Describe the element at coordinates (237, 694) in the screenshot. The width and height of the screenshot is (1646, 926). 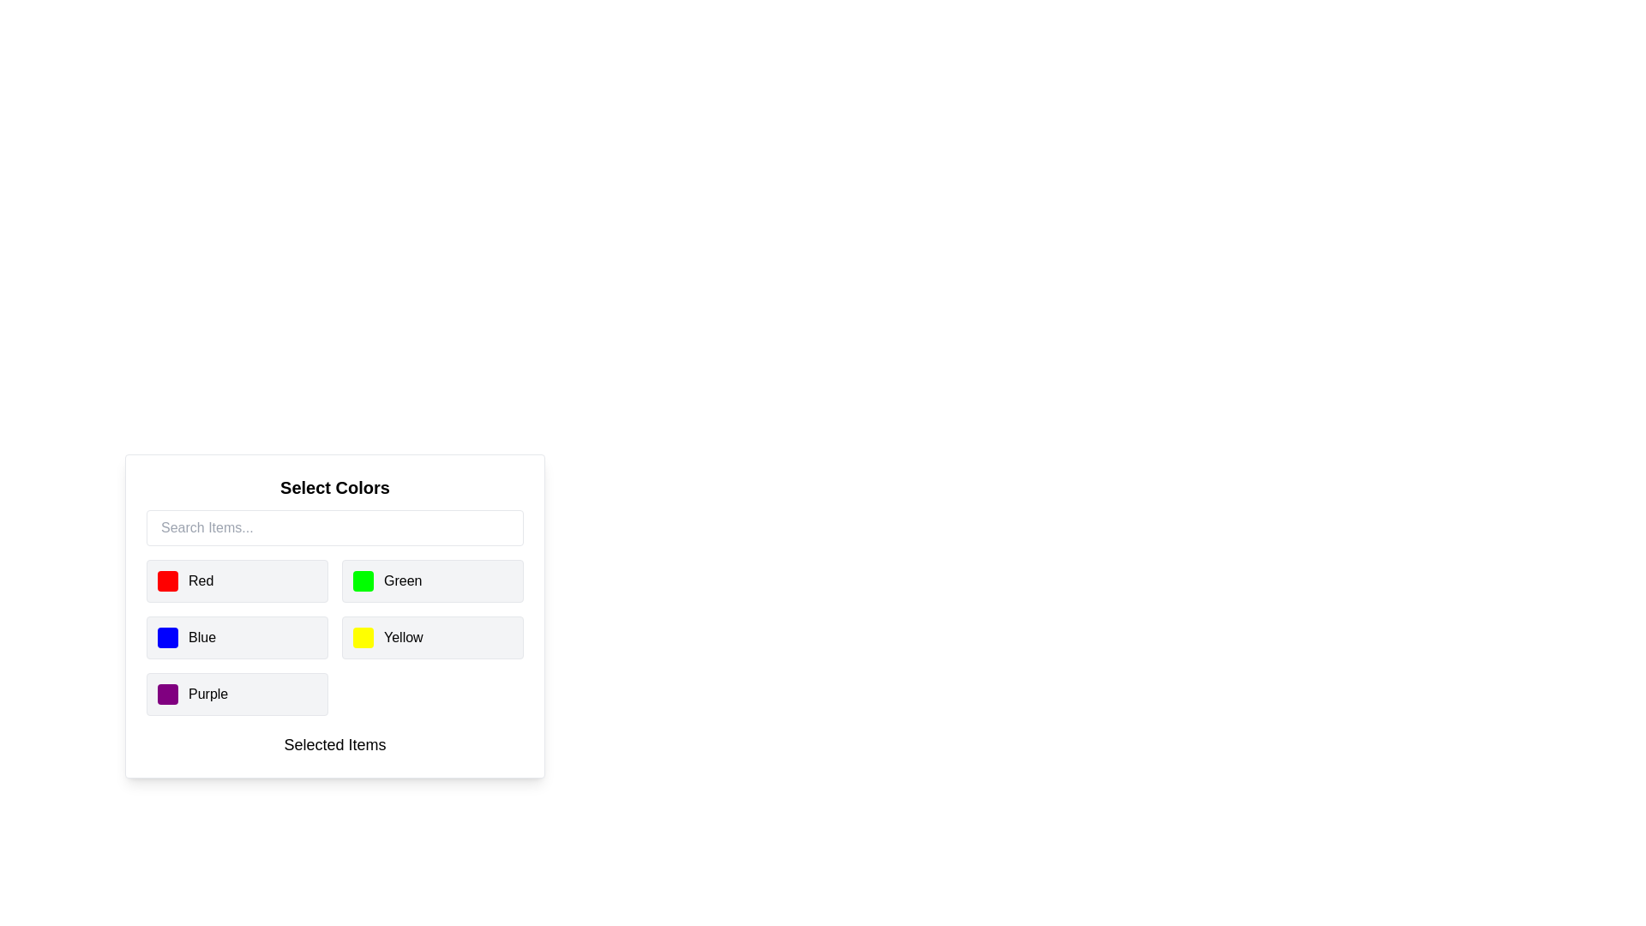
I see `the fifth selectable list item labeled 'Purple' in the 'Select Colors' section` at that location.